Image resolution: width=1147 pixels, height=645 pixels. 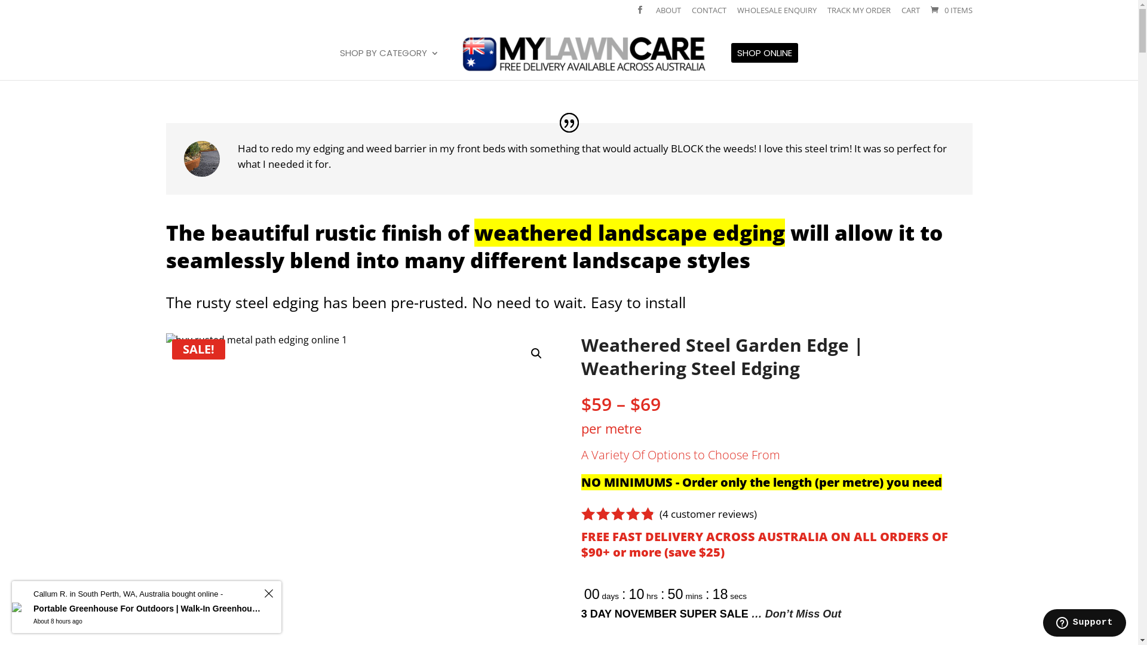 What do you see at coordinates (1084, 623) in the screenshot?
I see `'Opens a widget where you can find more information'` at bounding box center [1084, 623].